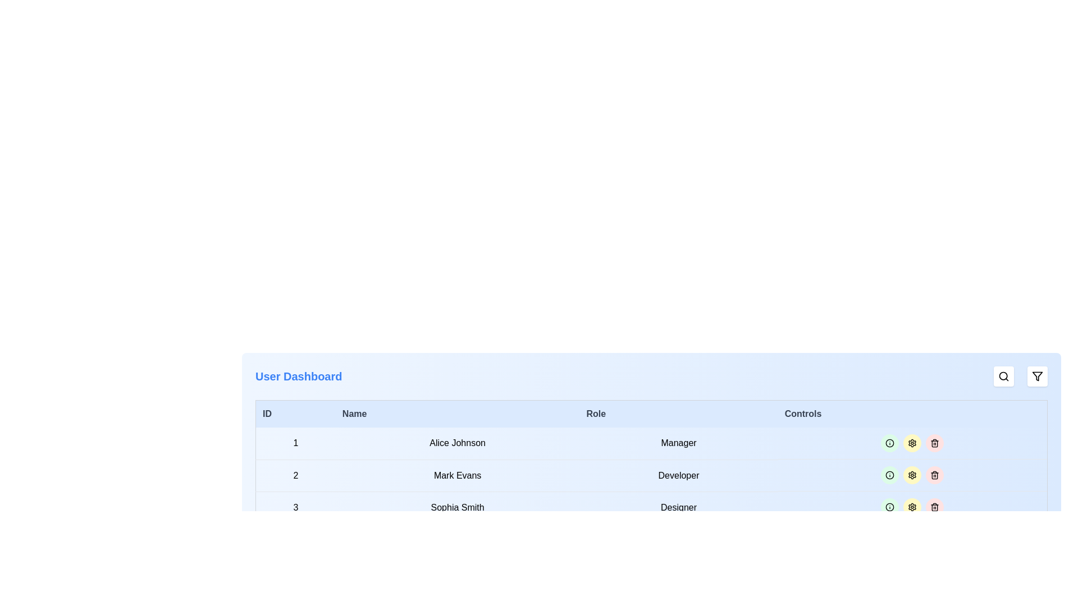 Image resolution: width=1078 pixels, height=606 pixels. Describe the element at coordinates (912, 571) in the screenshot. I see `the settings button, which is the second from the right in the 'Controls' column of the table` at that location.